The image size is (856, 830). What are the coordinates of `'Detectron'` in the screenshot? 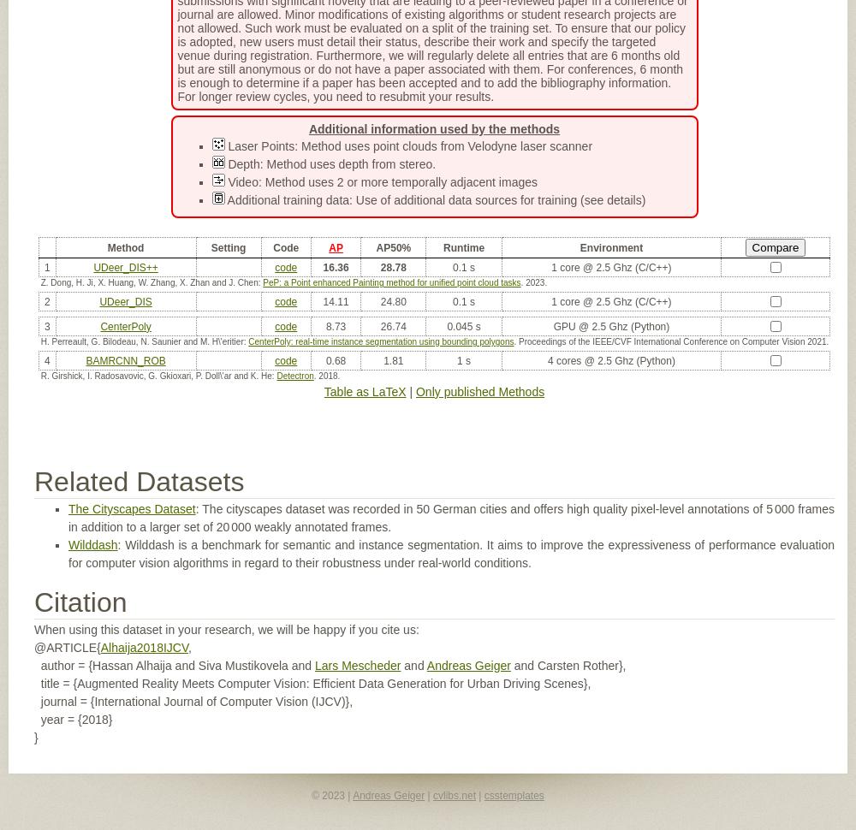 It's located at (276, 375).